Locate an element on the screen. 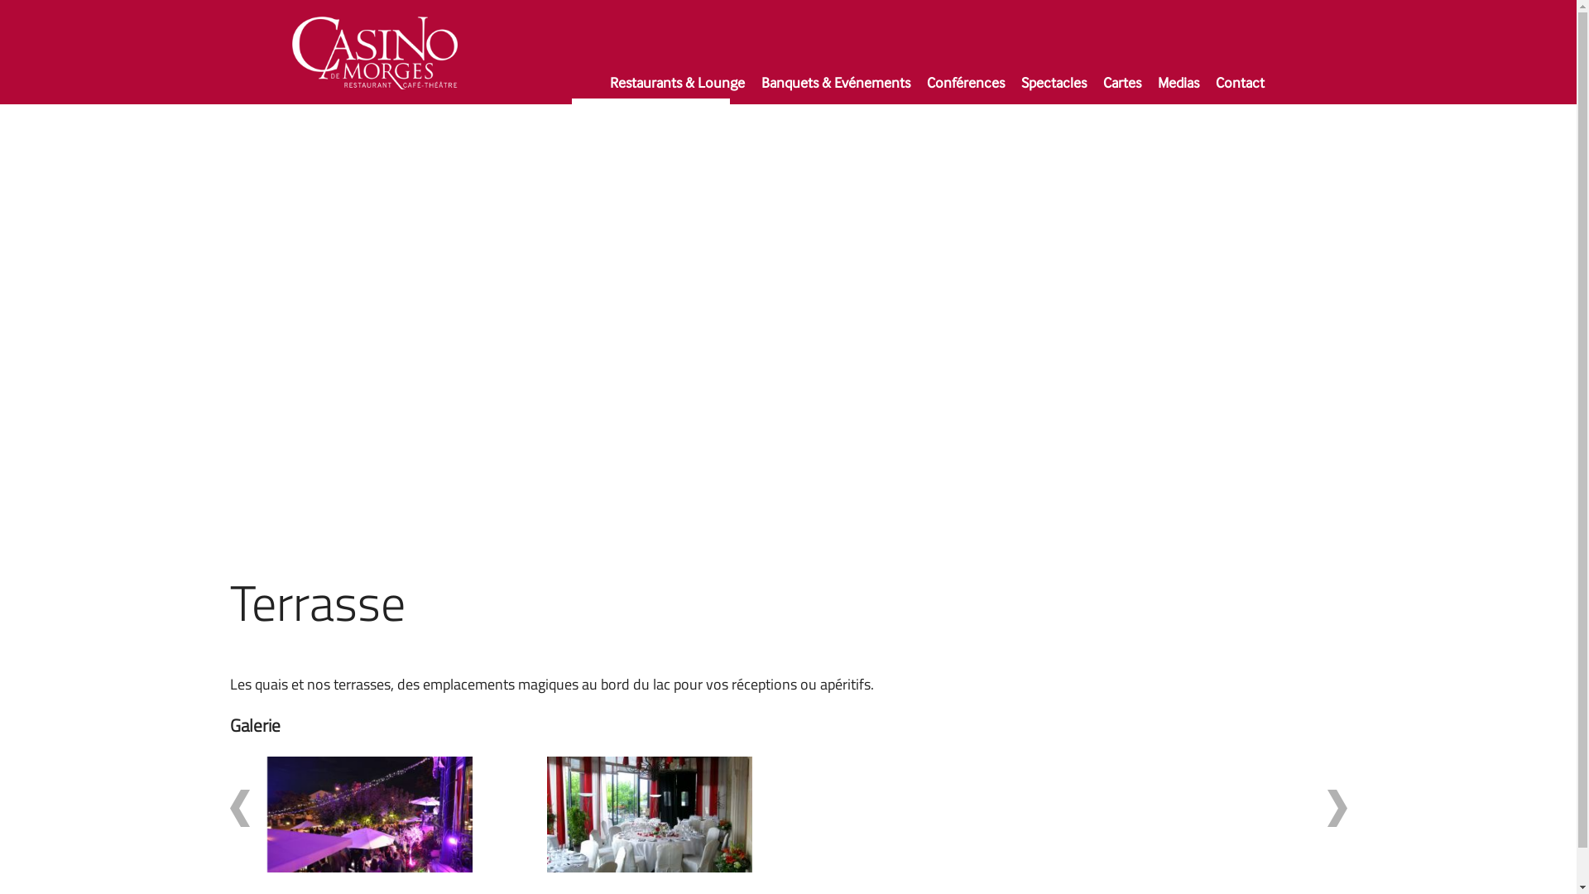 The width and height of the screenshot is (1589, 894). 'Medias' is located at coordinates (1178, 89).